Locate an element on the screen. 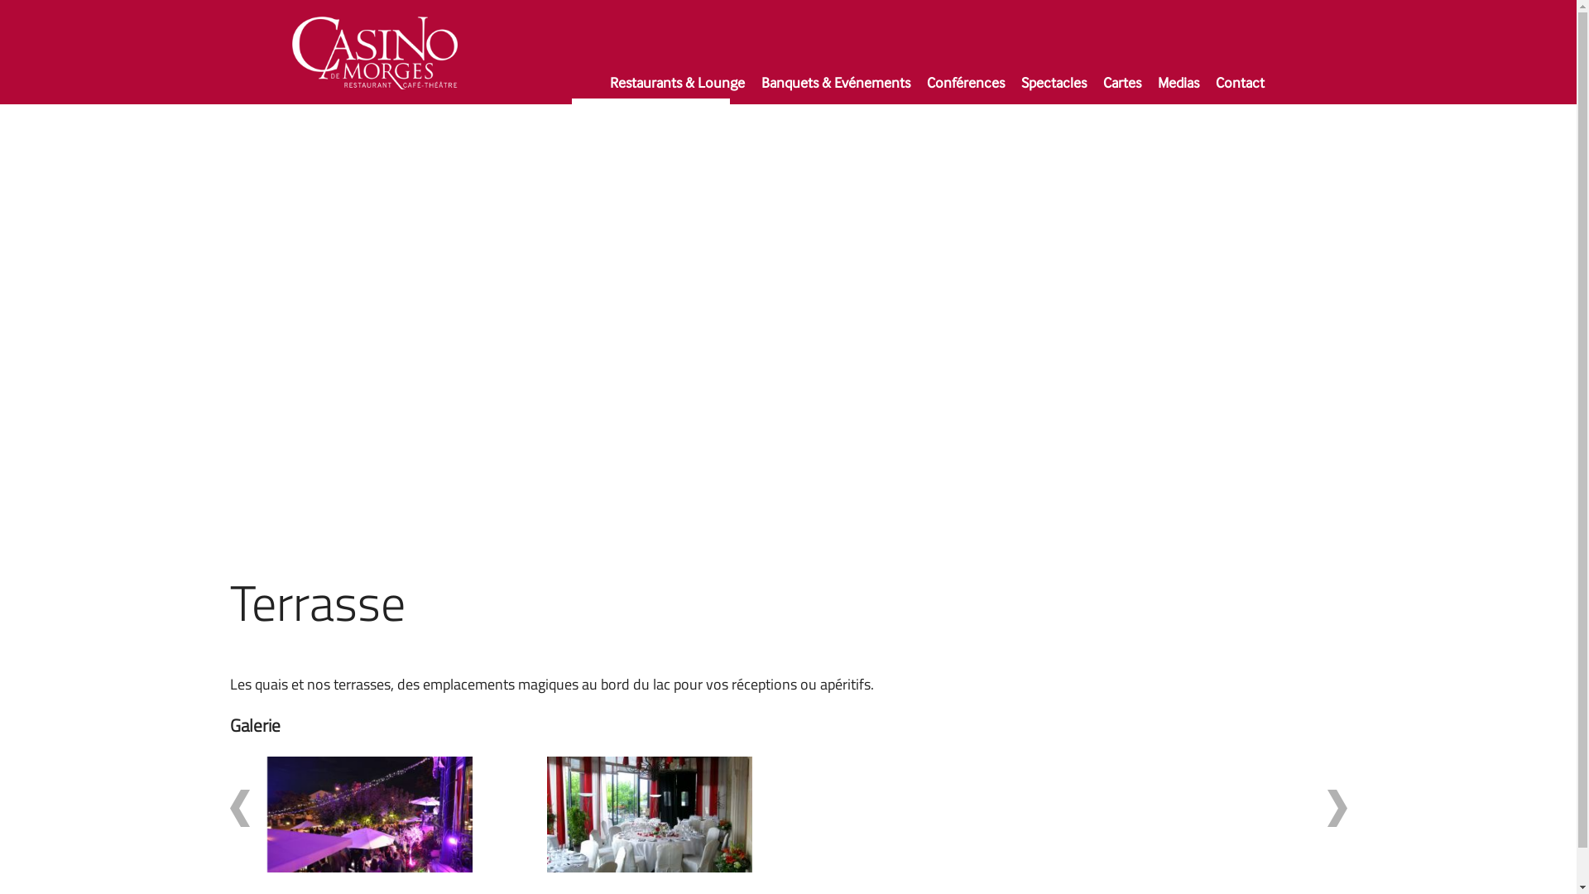 The width and height of the screenshot is (1589, 894). 'Medias' is located at coordinates (1178, 89).